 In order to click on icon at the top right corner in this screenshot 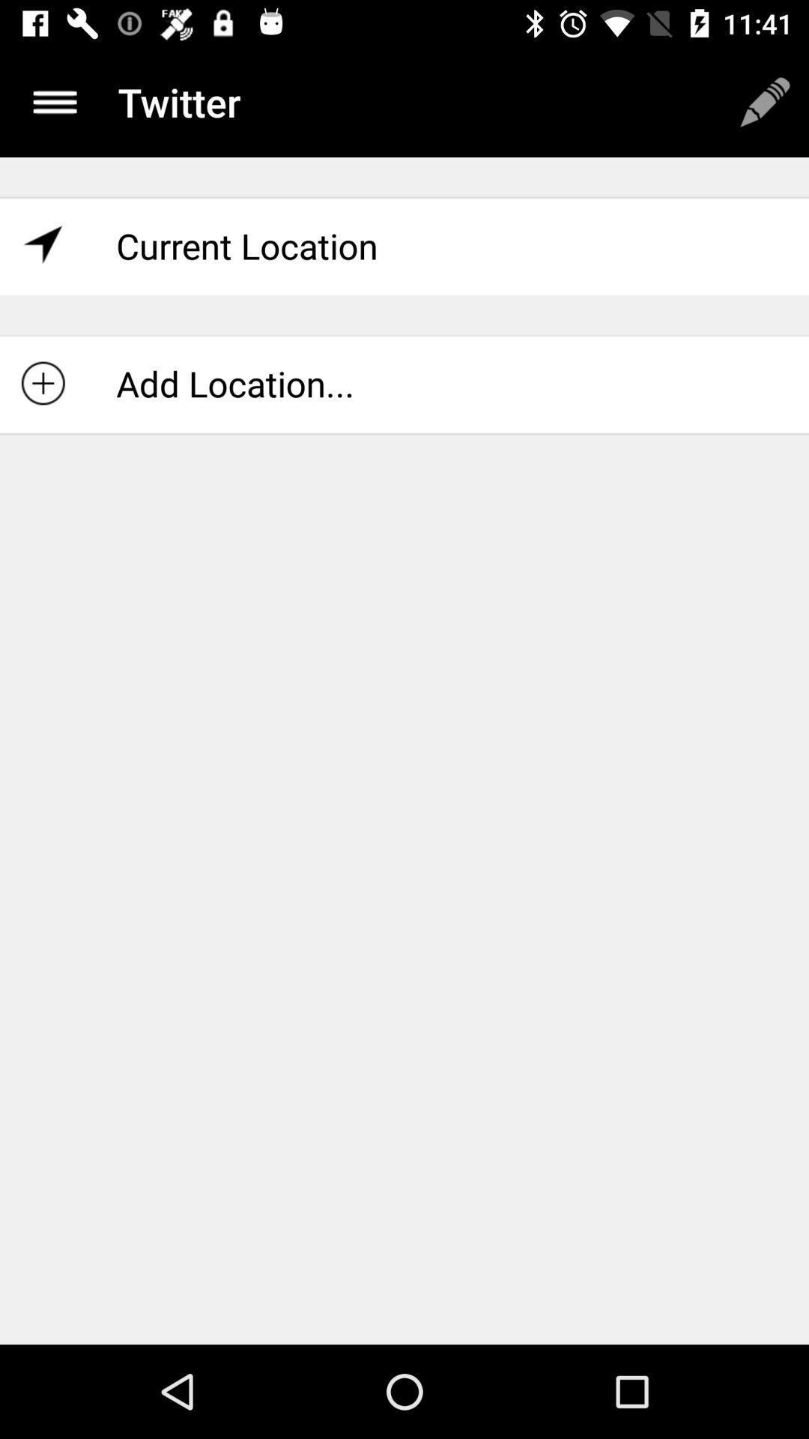, I will do `click(765, 101)`.